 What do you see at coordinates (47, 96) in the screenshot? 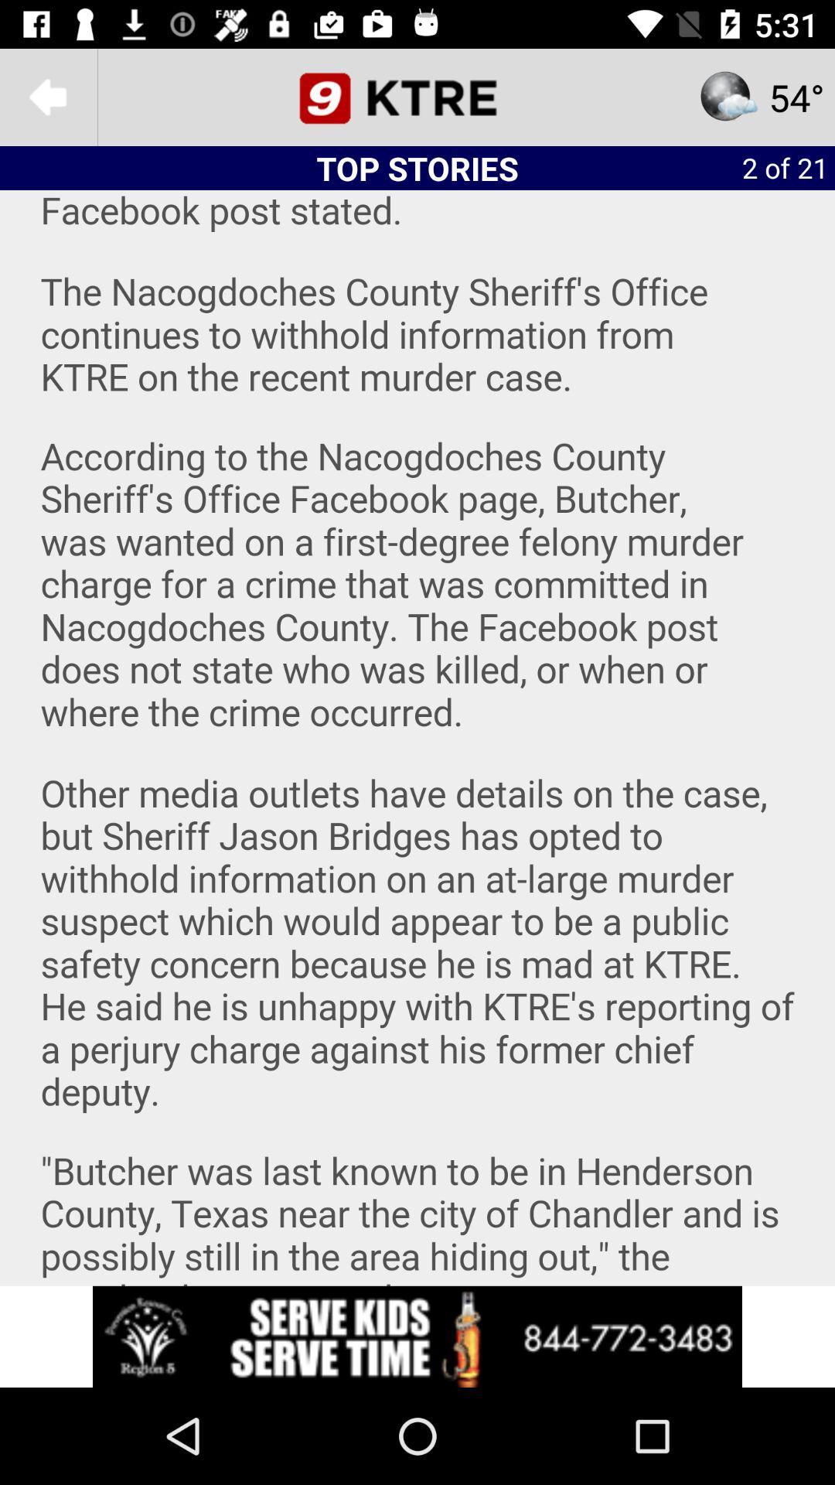
I see `the arrow_backward icon` at bounding box center [47, 96].